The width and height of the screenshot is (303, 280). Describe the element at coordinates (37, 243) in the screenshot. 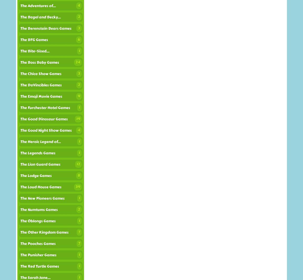

I see `'The Pooches Games'` at that location.